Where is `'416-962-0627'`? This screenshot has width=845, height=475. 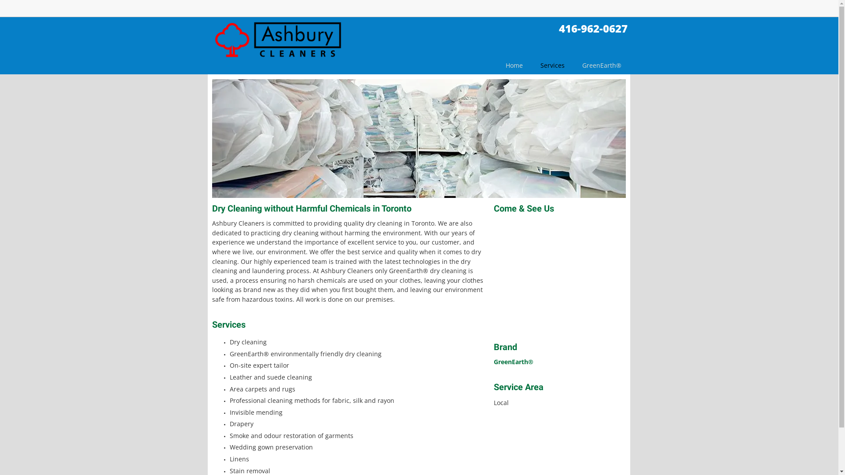
'416-962-0627' is located at coordinates (593, 28).